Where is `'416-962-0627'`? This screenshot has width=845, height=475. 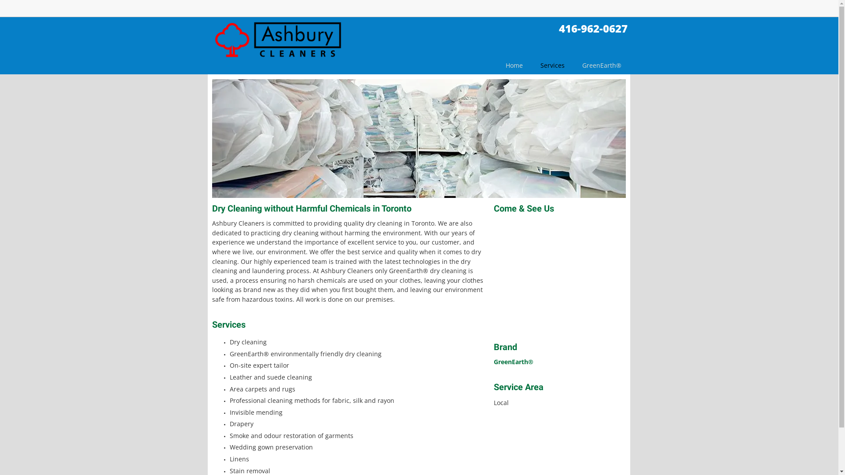
'416-962-0627' is located at coordinates (593, 28).